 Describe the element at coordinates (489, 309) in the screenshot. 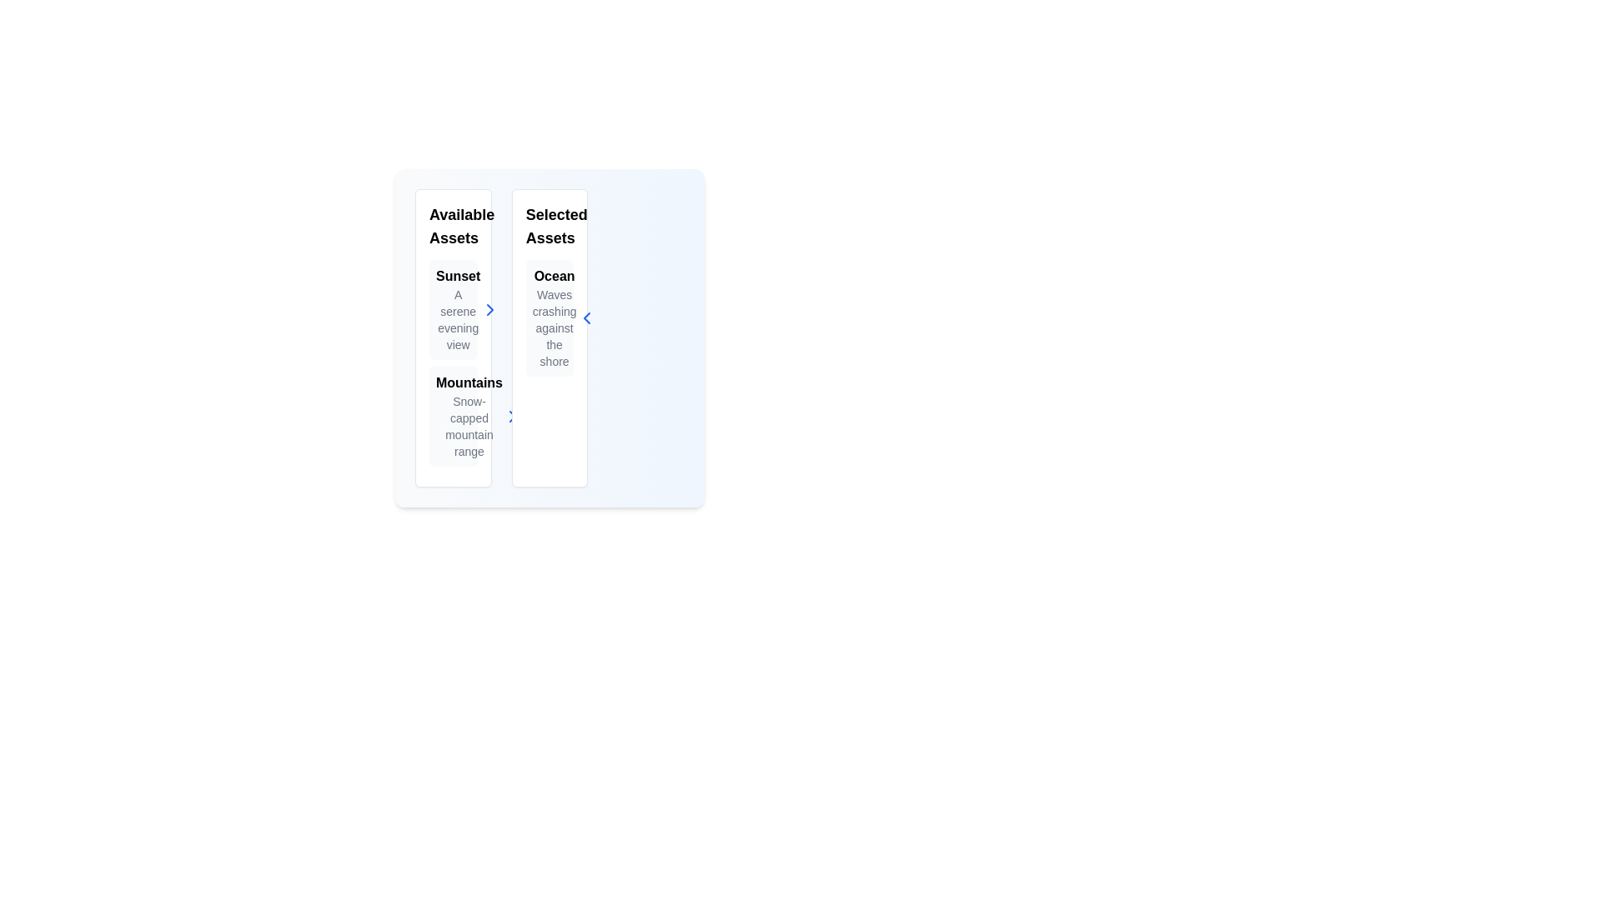

I see `arrow button next to the asset named Sunset in the 'Available Assets' list to transfer it to the 'Selected Assets' list` at that location.